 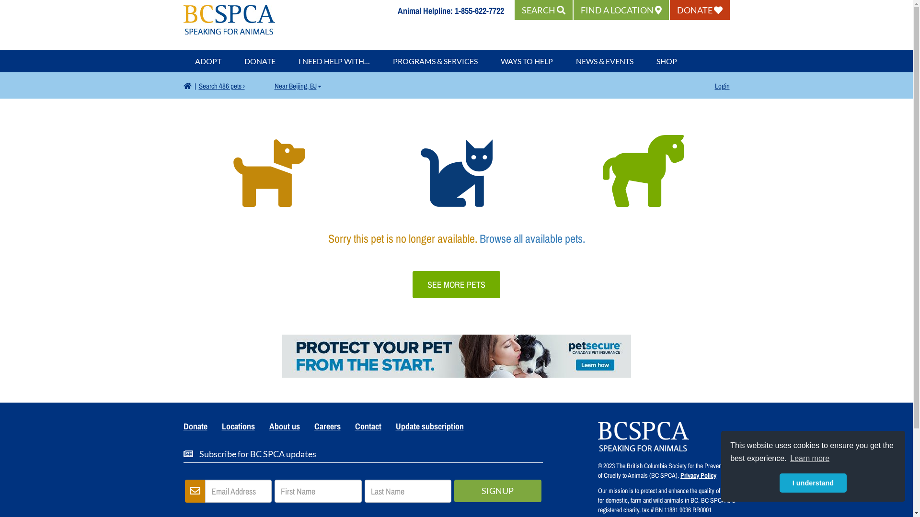 I want to click on 'SEARCH', so click(x=543, y=10).